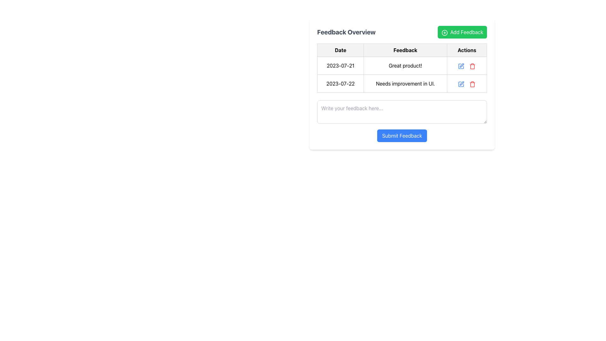  What do you see at coordinates (444, 33) in the screenshot?
I see `the 'Add Feedback' button located in the top-right corner of the 'Feedback Overview' section by interacting with the button's graphical shape` at bounding box center [444, 33].